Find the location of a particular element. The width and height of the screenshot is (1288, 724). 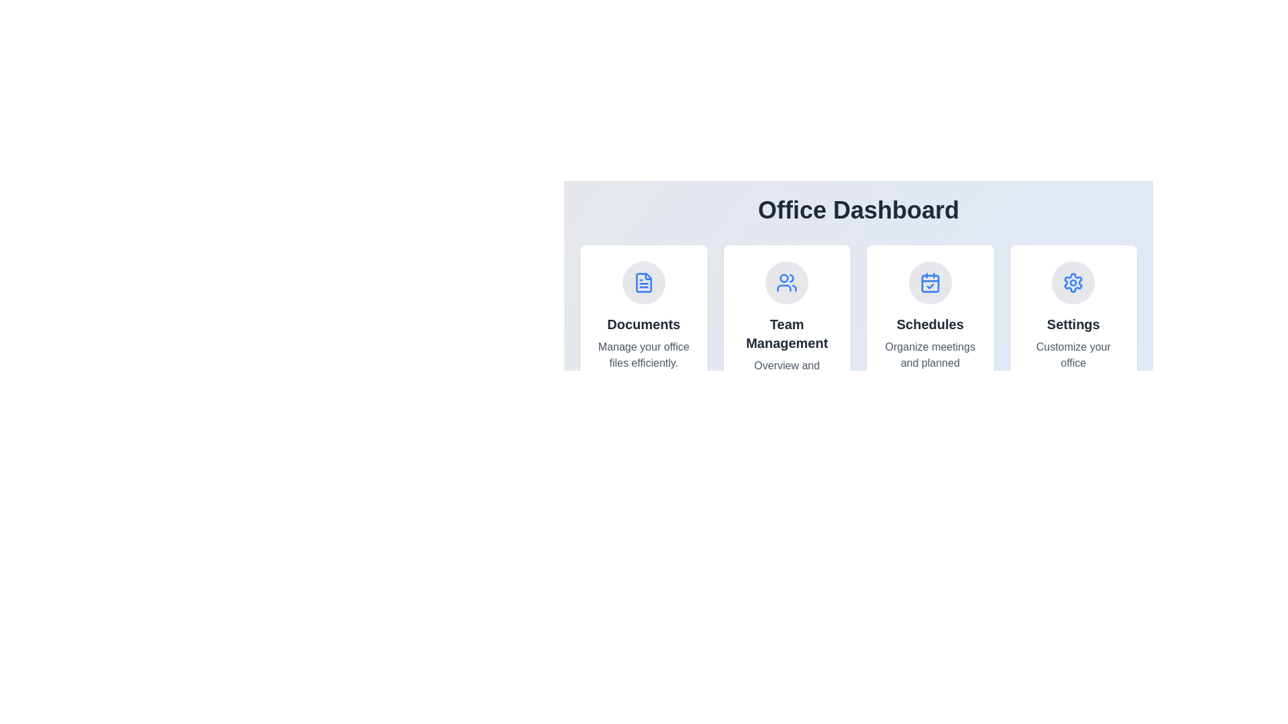

the circular icon with a gray background and blue calendar symbol, which is located at the top center of the 'Schedules' card in the Office Dashboard is located at coordinates (929, 282).